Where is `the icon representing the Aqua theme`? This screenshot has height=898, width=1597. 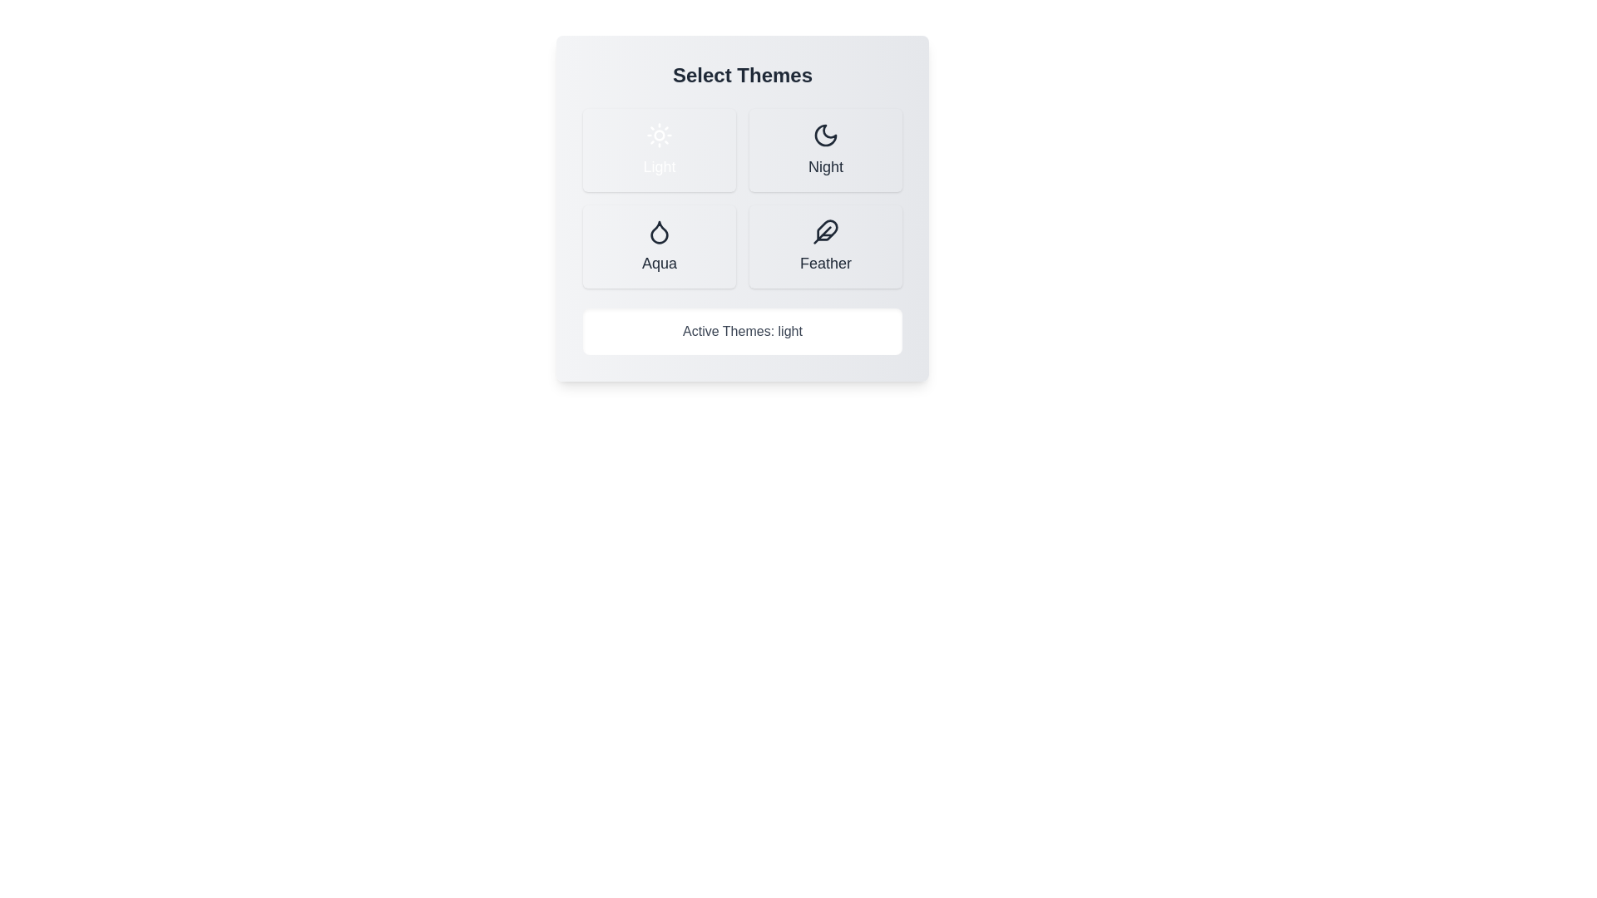 the icon representing the Aqua theme is located at coordinates (658, 231).